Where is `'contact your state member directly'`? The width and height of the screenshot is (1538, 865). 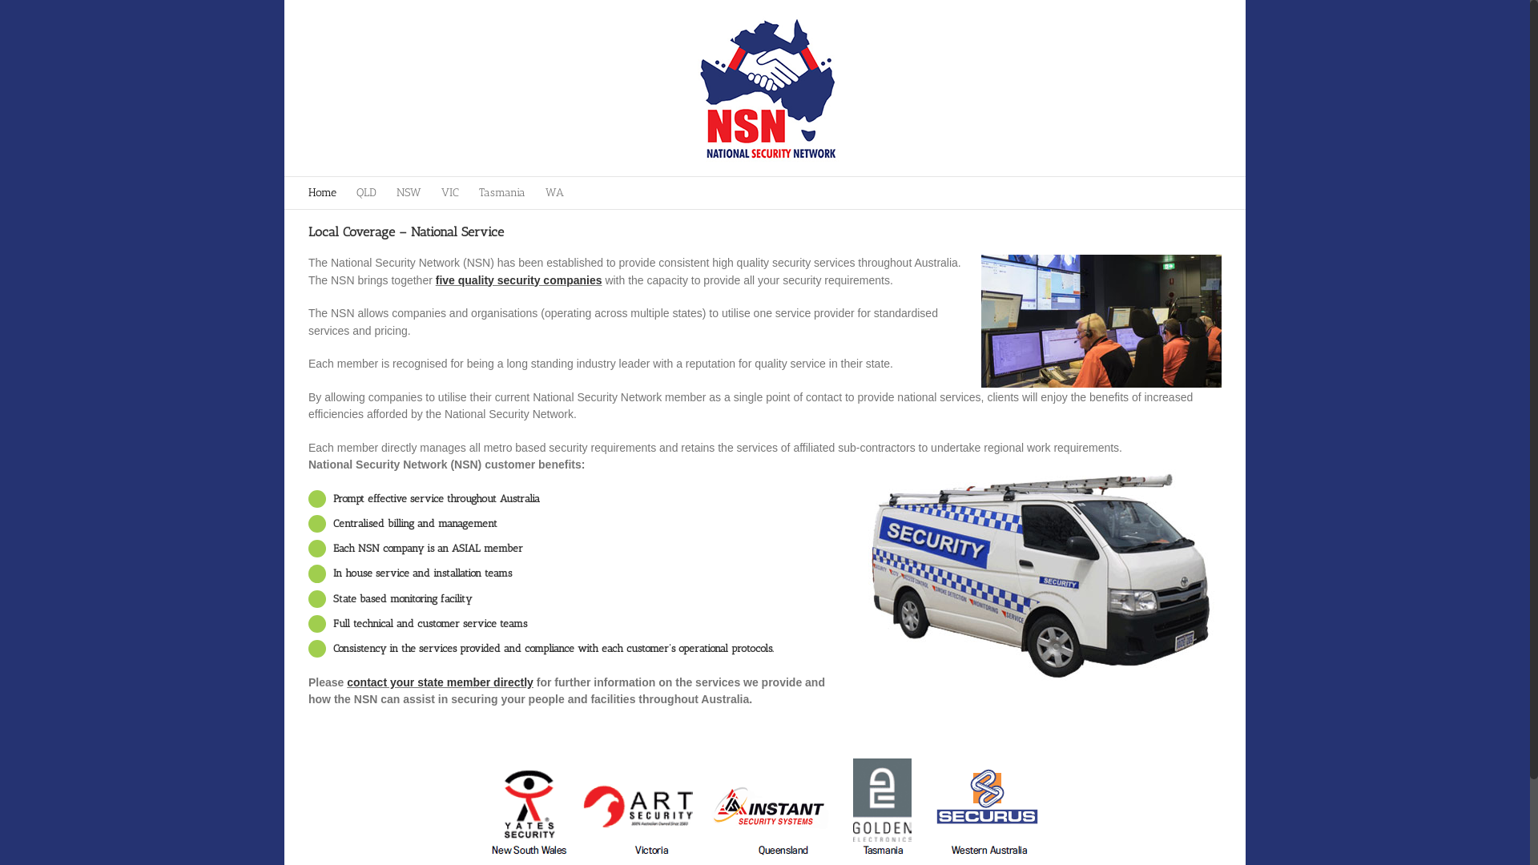
'contact your state member directly' is located at coordinates (345, 682).